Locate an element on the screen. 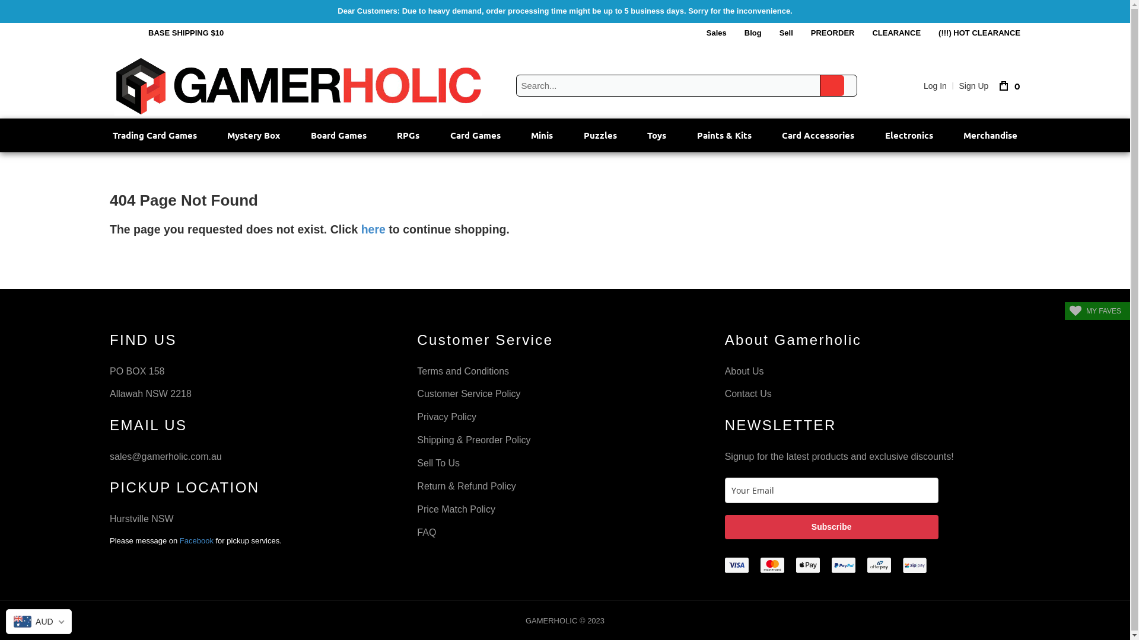 Image resolution: width=1139 pixels, height=640 pixels. 'PREORDER' is located at coordinates (802, 33).